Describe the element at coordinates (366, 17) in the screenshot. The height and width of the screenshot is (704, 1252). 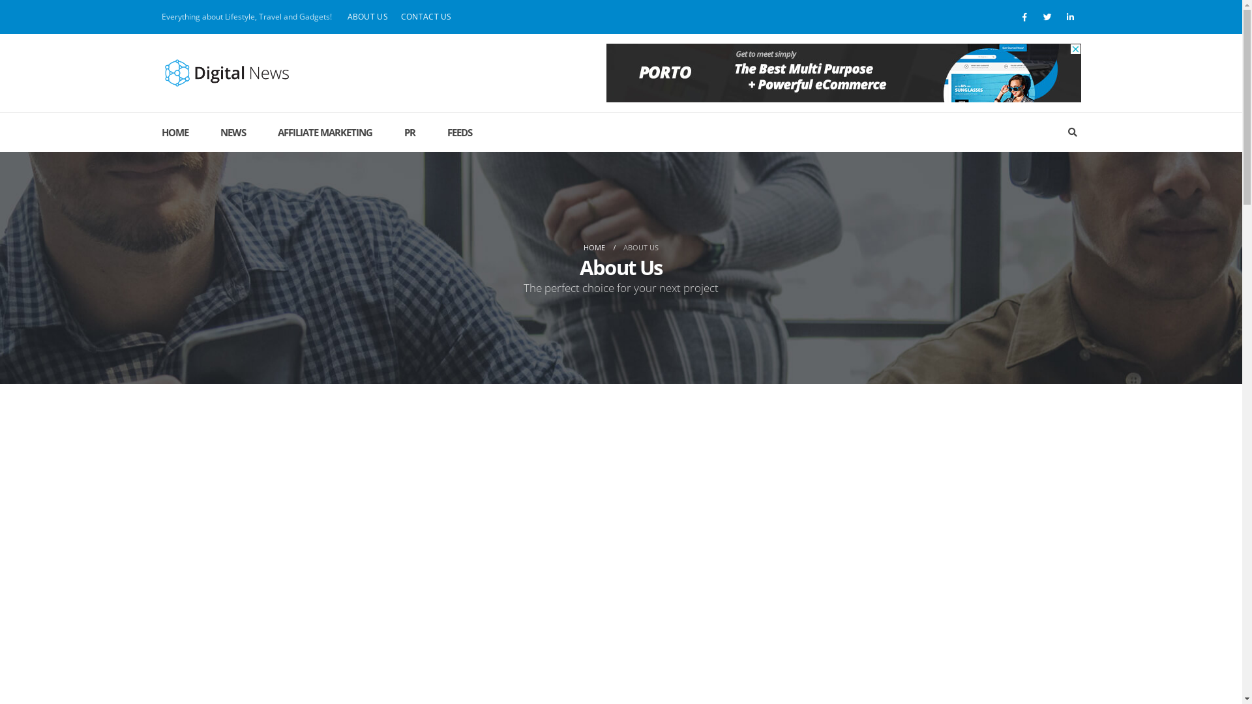
I see `'ABOUT US'` at that location.